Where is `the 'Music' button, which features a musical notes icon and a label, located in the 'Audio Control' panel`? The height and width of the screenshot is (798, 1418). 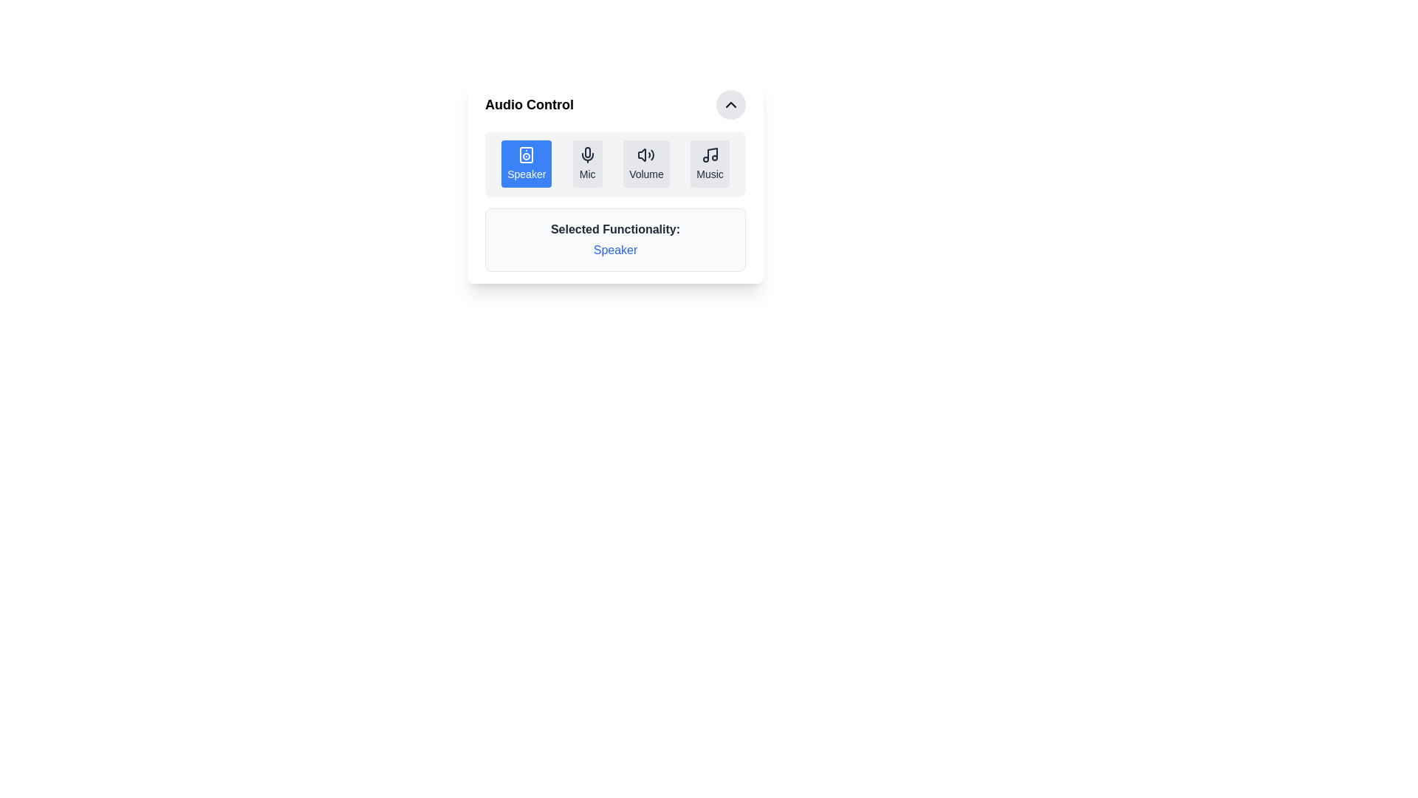 the 'Music' button, which features a musical notes icon and a label, located in the 'Audio Control' panel is located at coordinates (710, 164).